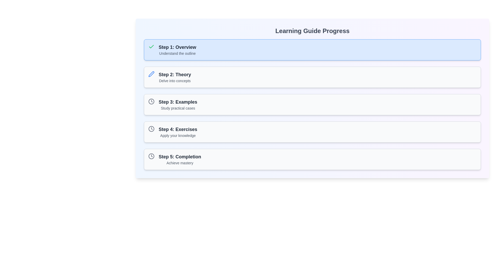  Describe the element at coordinates (180, 156) in the screenshot. I see `the static text element that serves as the title for Step 5 in the multi-step progress guide, located directly above the 'Achieve mastery' subtitle` at that location.